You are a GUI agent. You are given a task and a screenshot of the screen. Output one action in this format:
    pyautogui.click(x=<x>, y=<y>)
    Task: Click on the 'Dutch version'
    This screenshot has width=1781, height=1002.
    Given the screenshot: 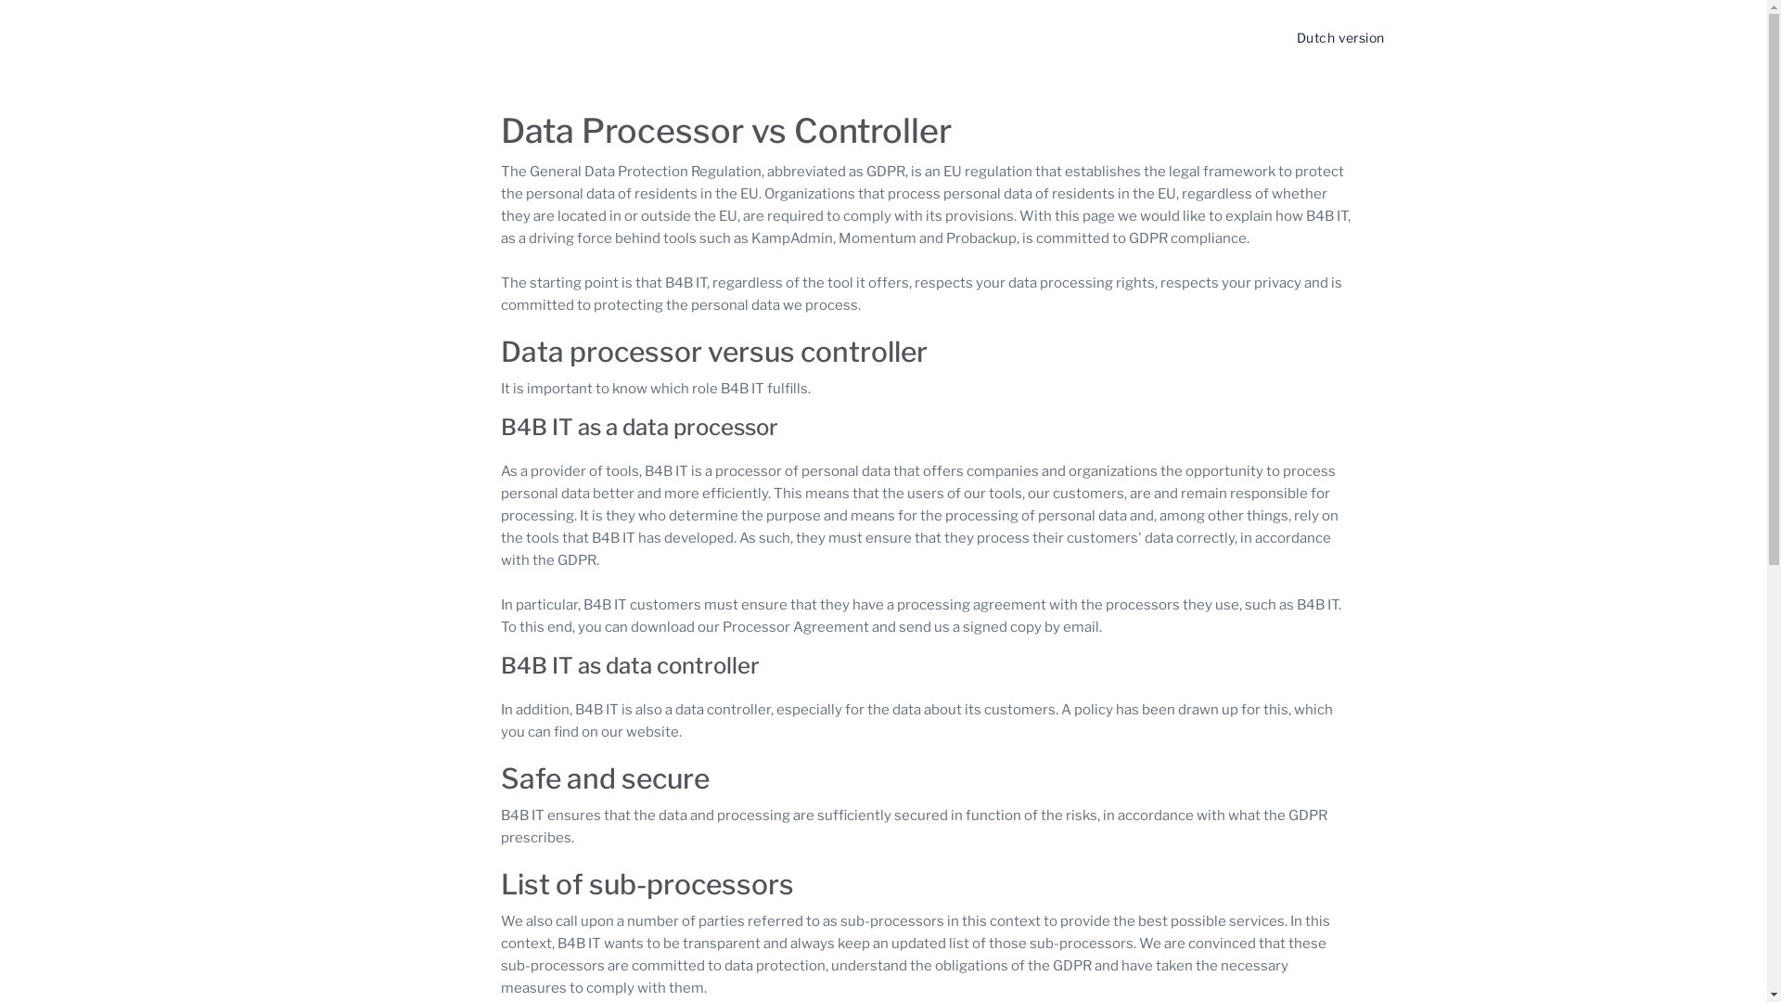 What is the action you would take?
    pyautogui.click(x=1339, y=37)
    